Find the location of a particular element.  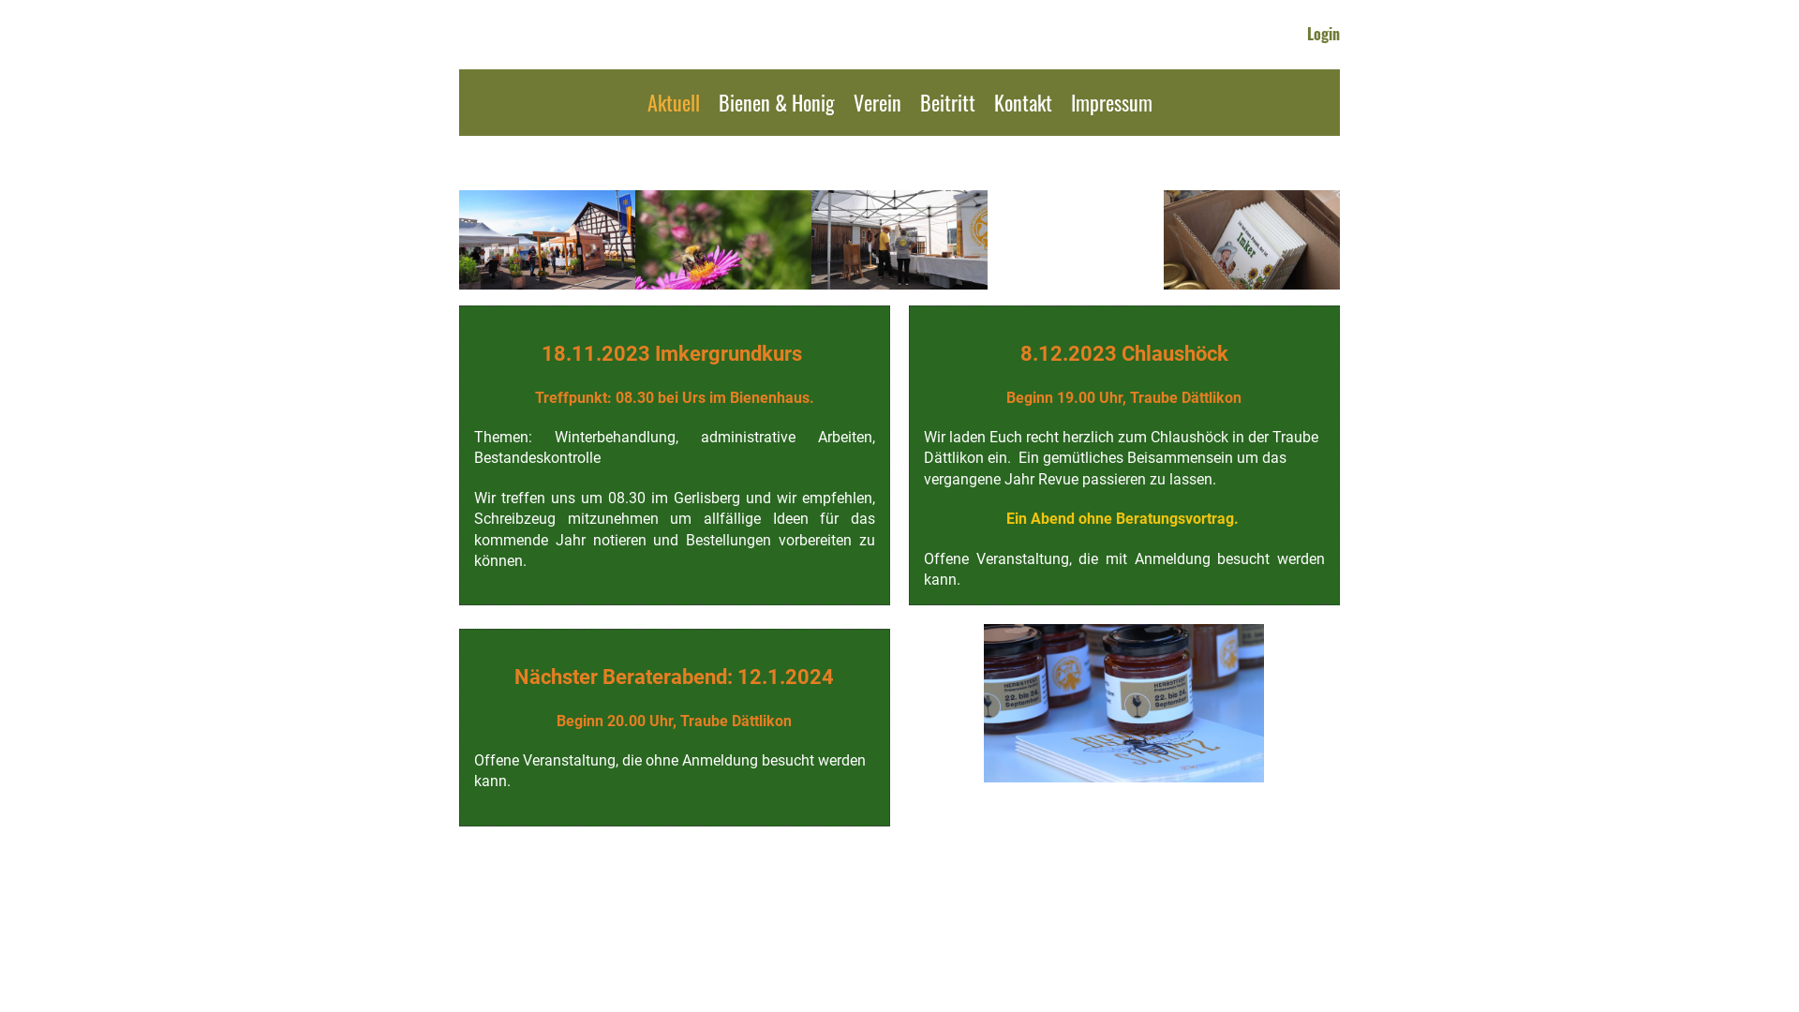

'Impressum' is located at coordinates (1110, 102).